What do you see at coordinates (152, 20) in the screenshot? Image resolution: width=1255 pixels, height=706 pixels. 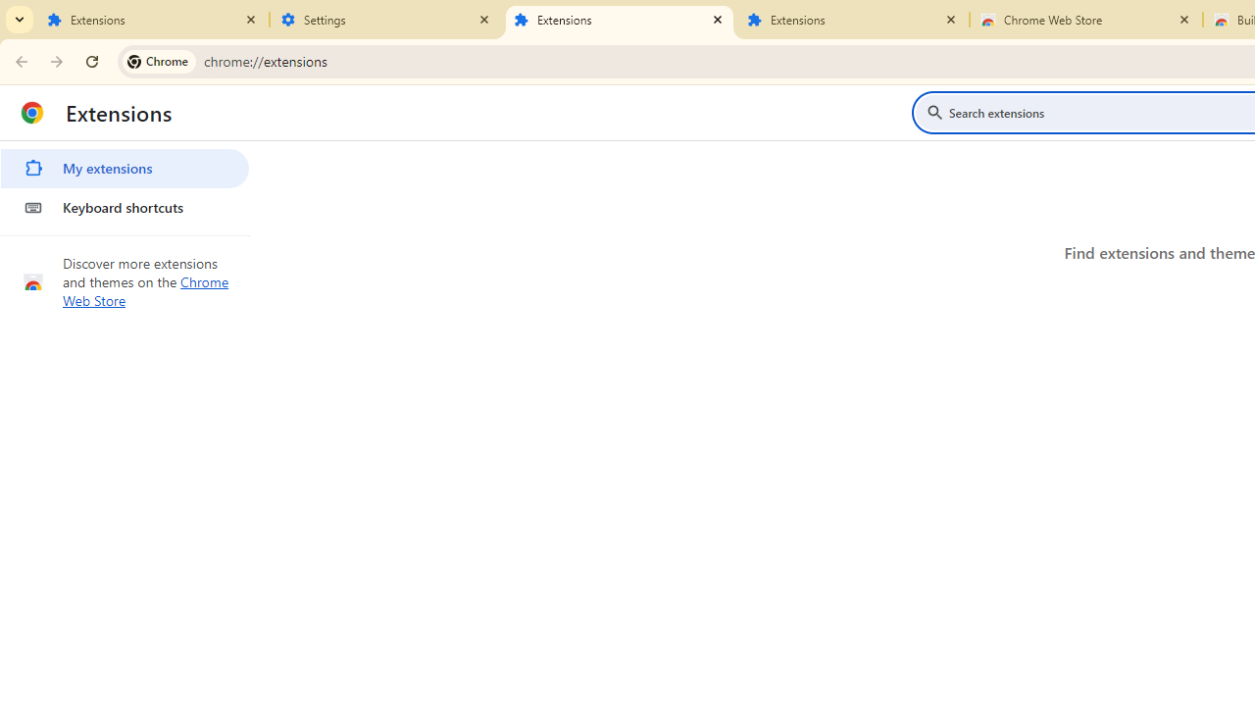 I see `'Extensions'` at bounding box center [152, 20].